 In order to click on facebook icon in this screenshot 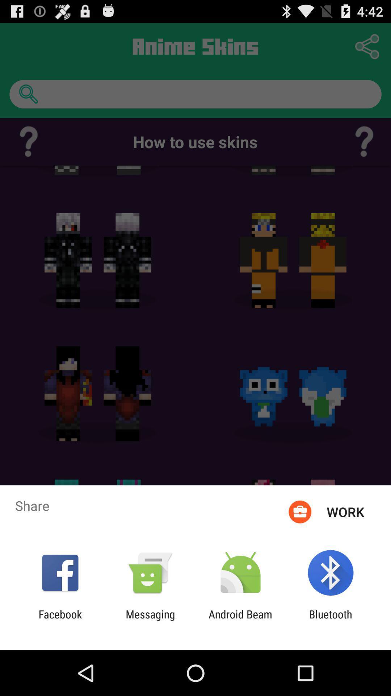, I will do `click(60, 620)`.